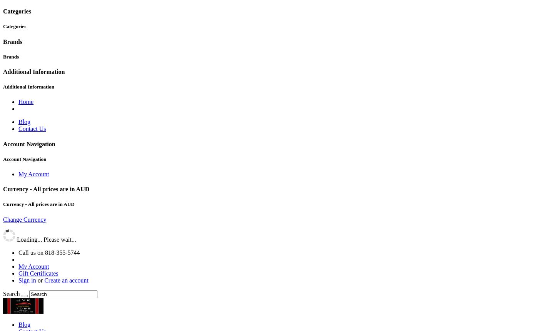  What do you see at coordinates (11, 293) in the screenshot?
I see `'Search'` at bounding box center [11, 293].